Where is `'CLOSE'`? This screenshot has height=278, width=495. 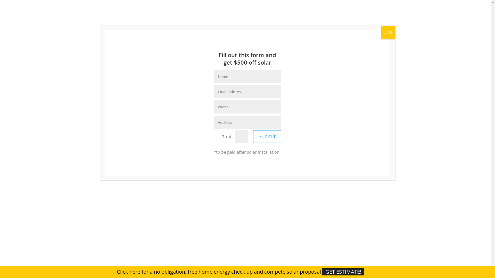 'CLOSE' is located at coordinates (381, 32).